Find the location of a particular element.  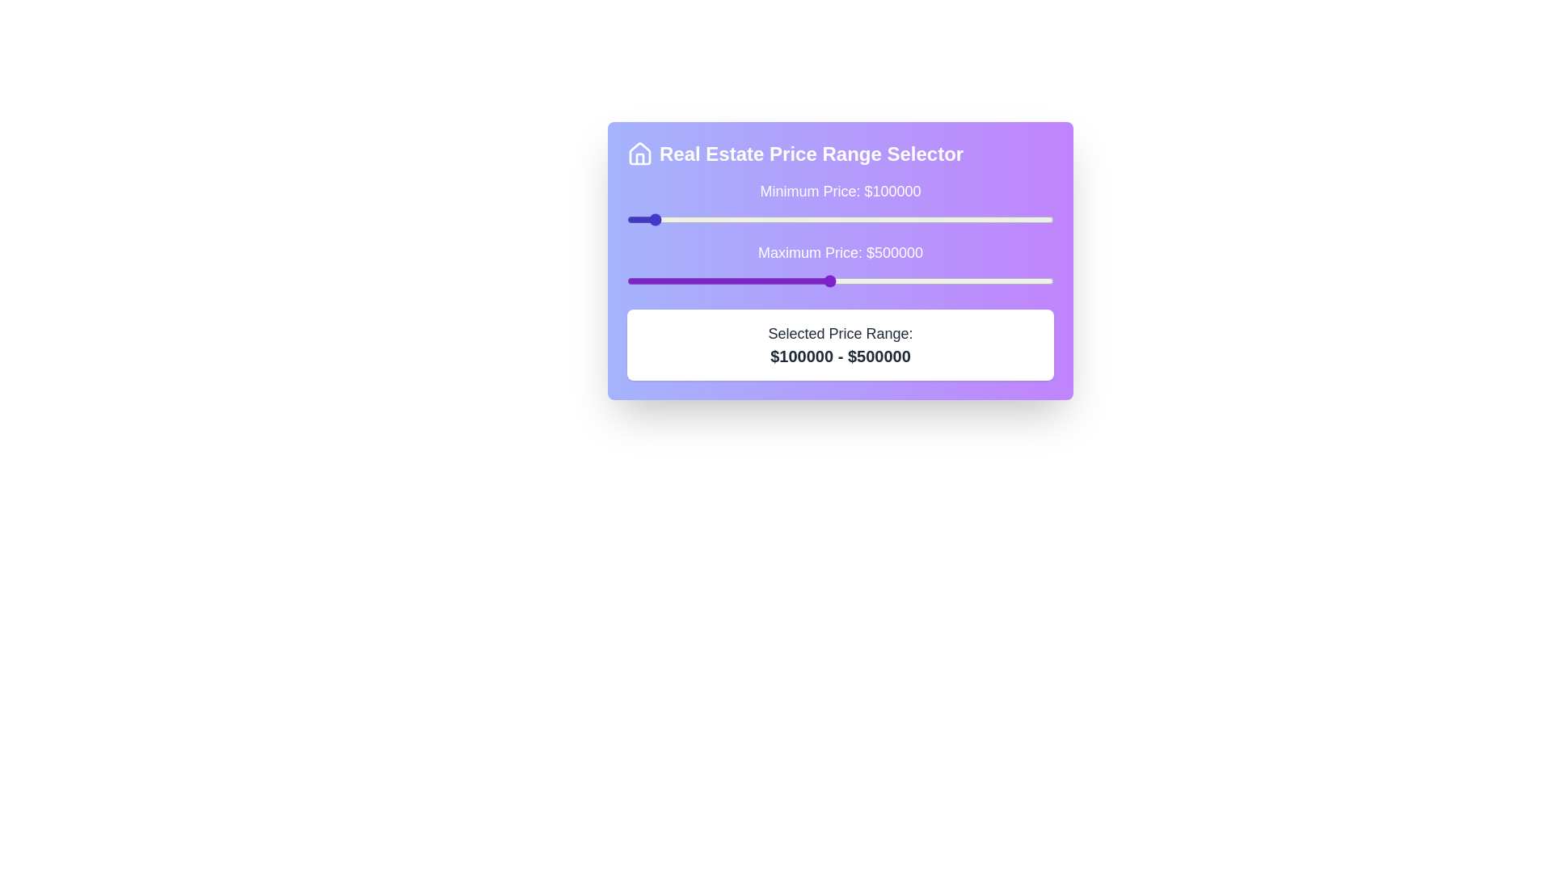

the minimum price slider to 525925 dollars is located at coordinates (841, 220).